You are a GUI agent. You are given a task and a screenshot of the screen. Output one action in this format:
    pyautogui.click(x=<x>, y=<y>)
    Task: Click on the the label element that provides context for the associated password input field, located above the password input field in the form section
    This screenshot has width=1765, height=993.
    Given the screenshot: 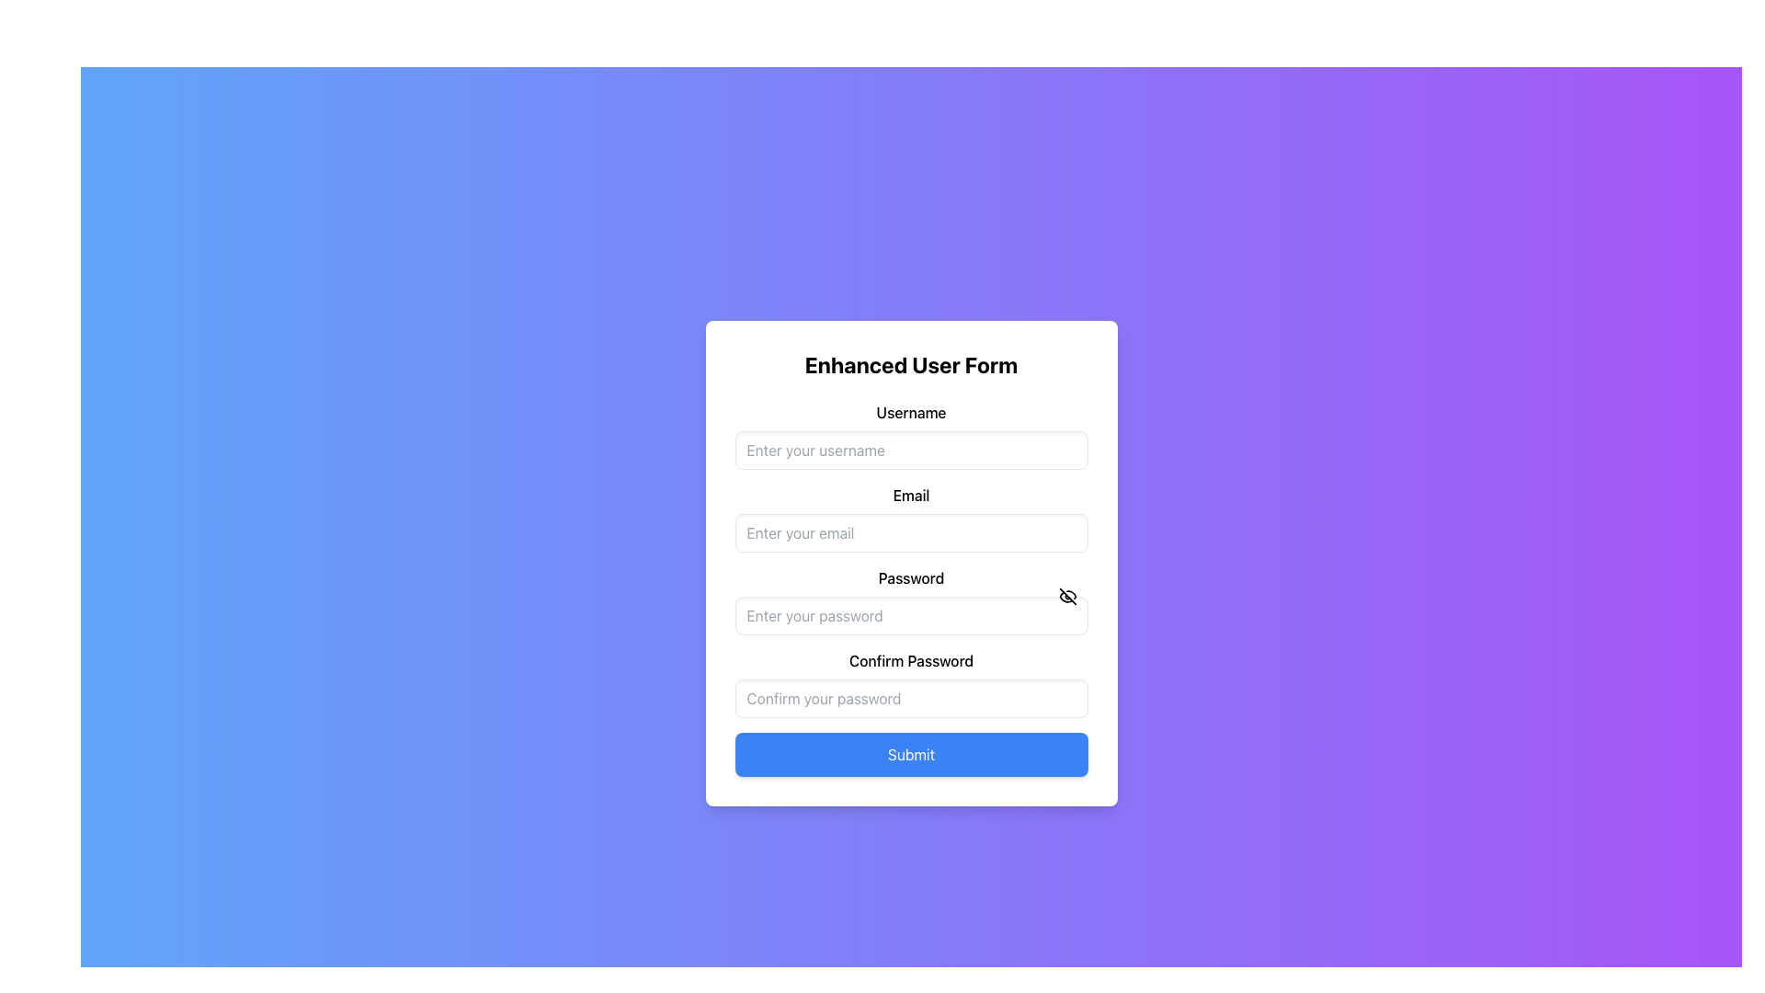 What is the action you would take?
    pyautogui.click(x=911, y=576)
    